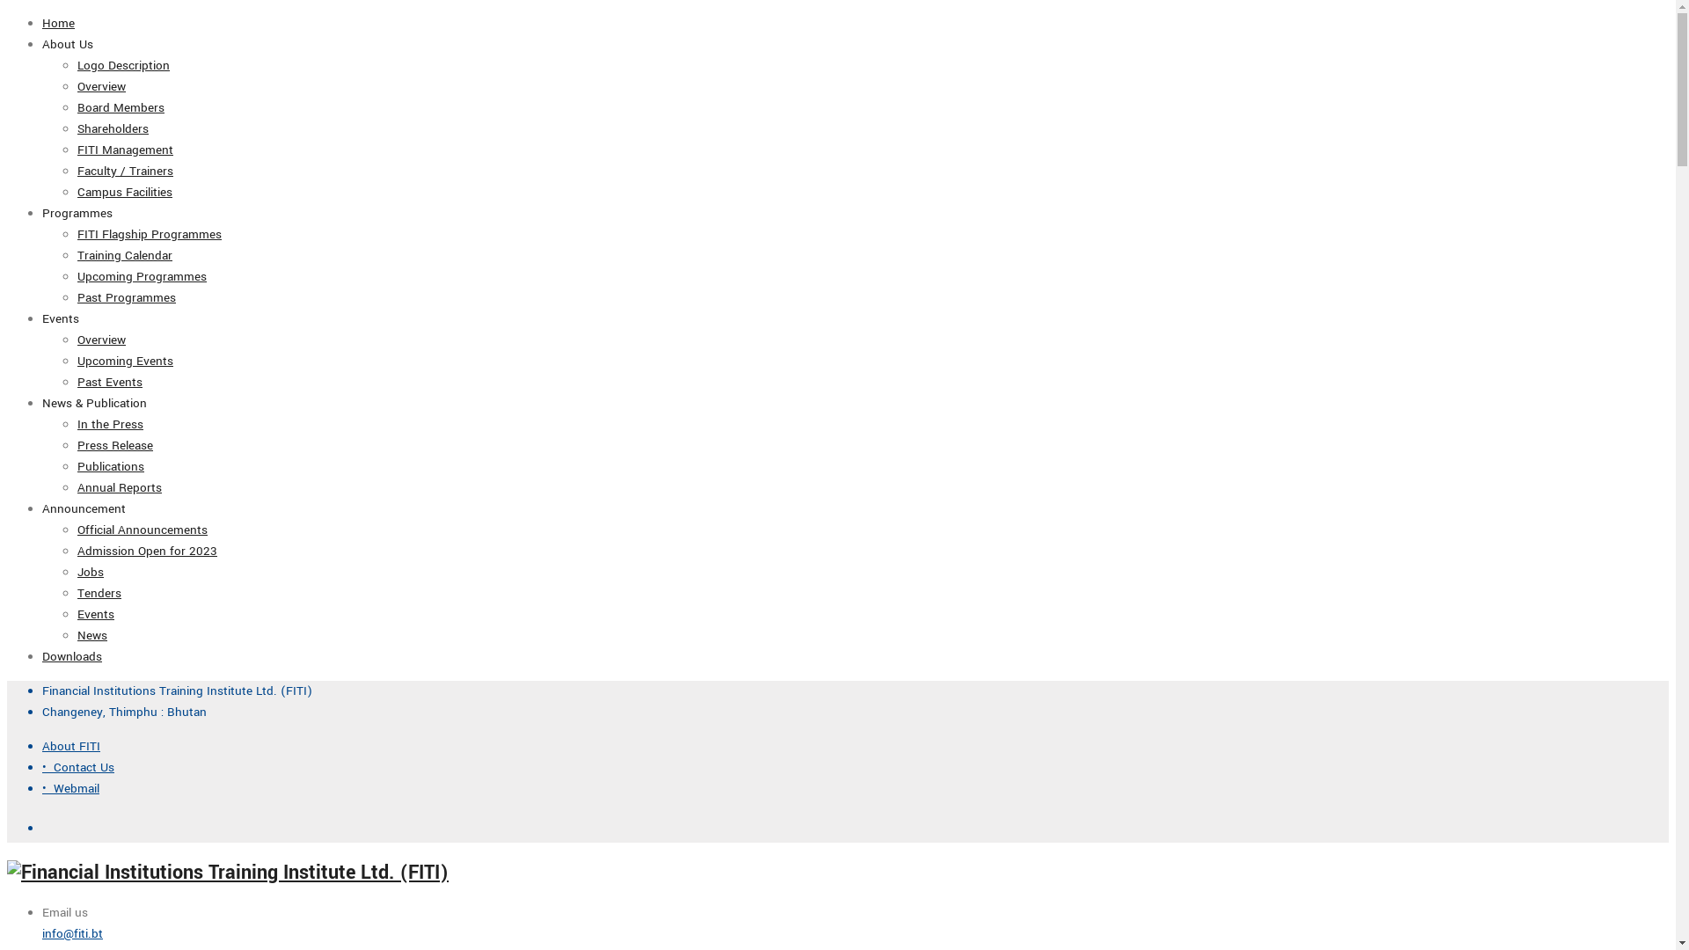 This screenshot has width=1689, height=950. What do you see at coordinates (123, 711) in the screenshot?
I see `'Changeney, Thimphu : Bhutan'` at bounding box center [123, 711].